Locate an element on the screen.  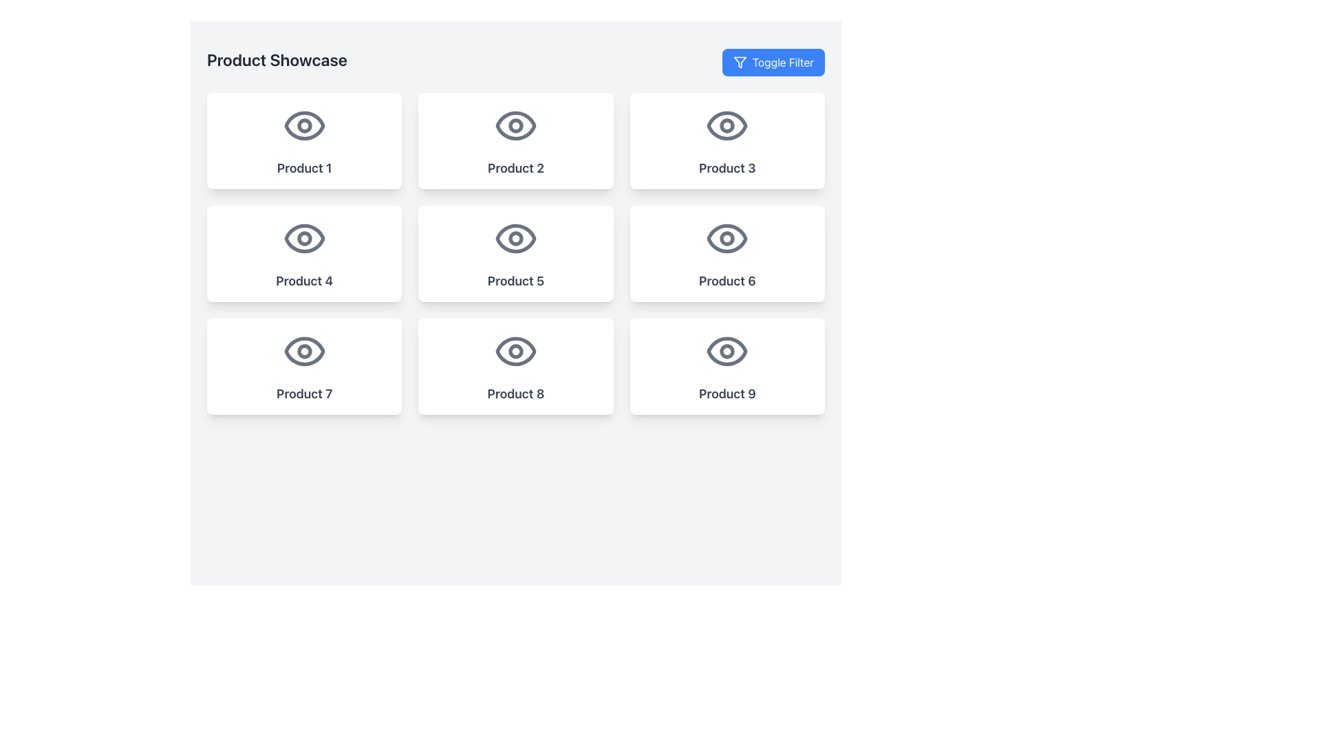
the small gray circular element located at the center of the eye icon in the eighth grid item of the 3x3 product showcase layout is located at coordinates (515, 350).